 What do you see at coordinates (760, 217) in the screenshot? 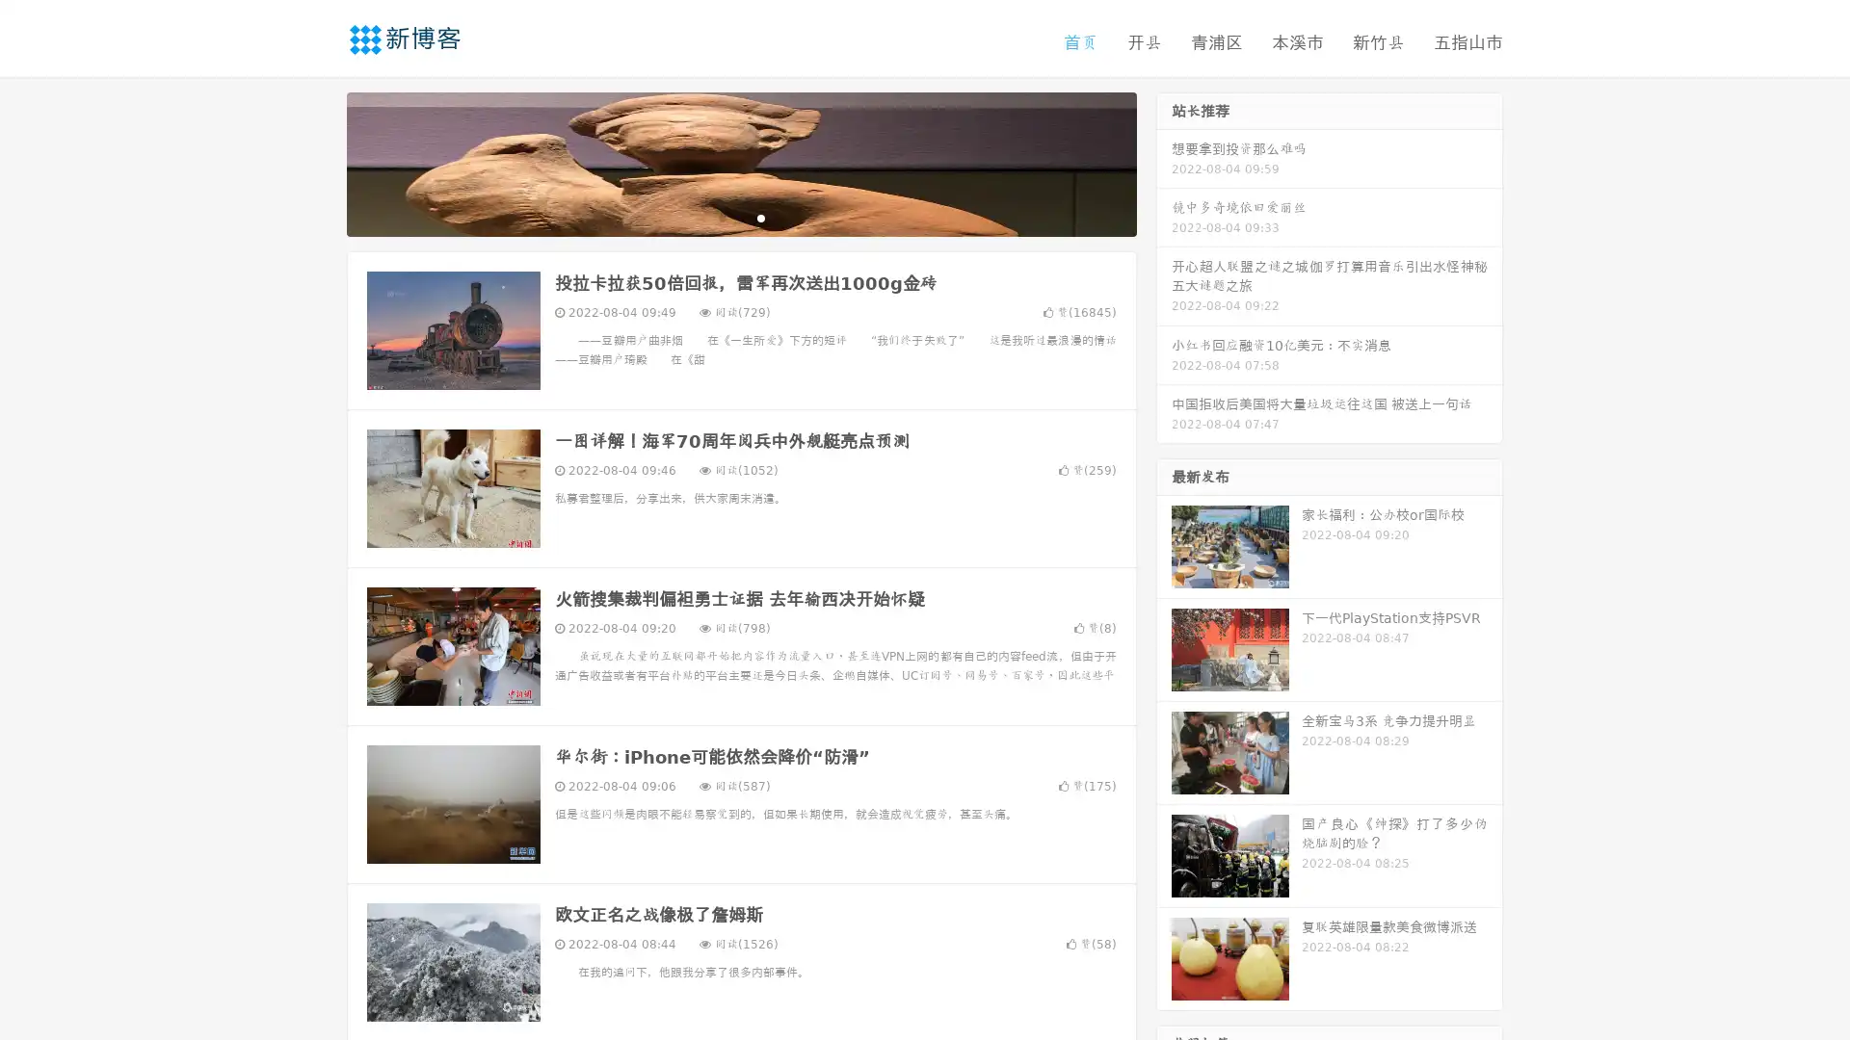
I see `Go to slide 3` at bounding box center [760, 217].